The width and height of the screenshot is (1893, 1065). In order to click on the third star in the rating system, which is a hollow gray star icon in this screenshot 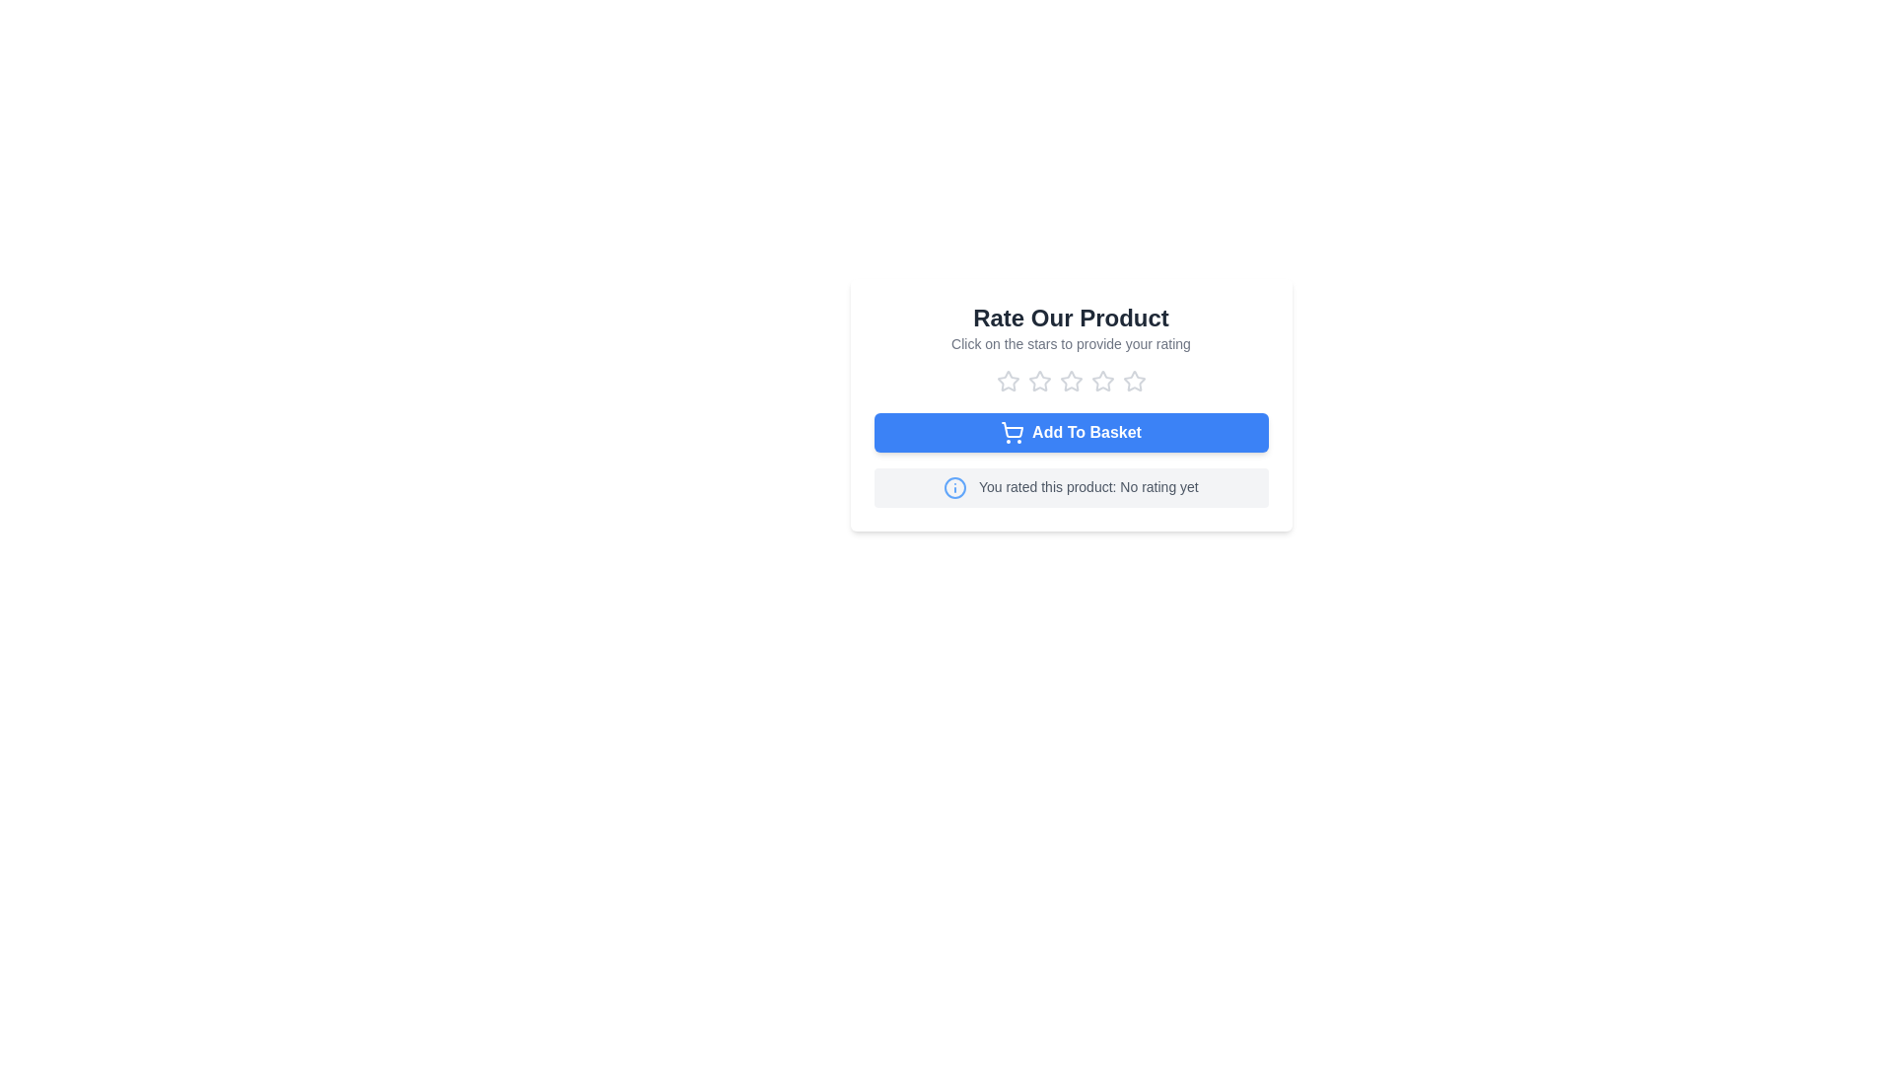, I will do `click(1101, 381)`.